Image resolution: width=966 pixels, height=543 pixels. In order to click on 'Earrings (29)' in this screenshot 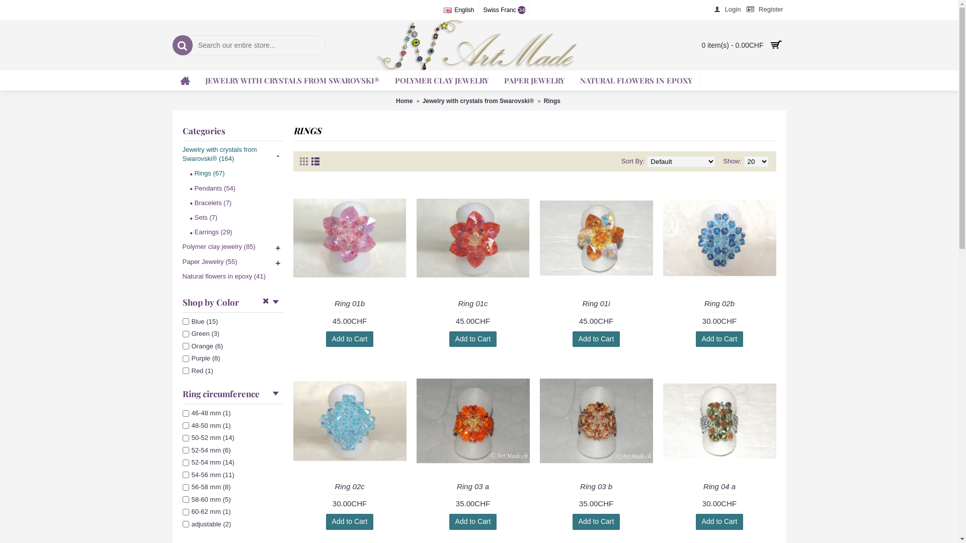, I will do `click(231, 231)`.